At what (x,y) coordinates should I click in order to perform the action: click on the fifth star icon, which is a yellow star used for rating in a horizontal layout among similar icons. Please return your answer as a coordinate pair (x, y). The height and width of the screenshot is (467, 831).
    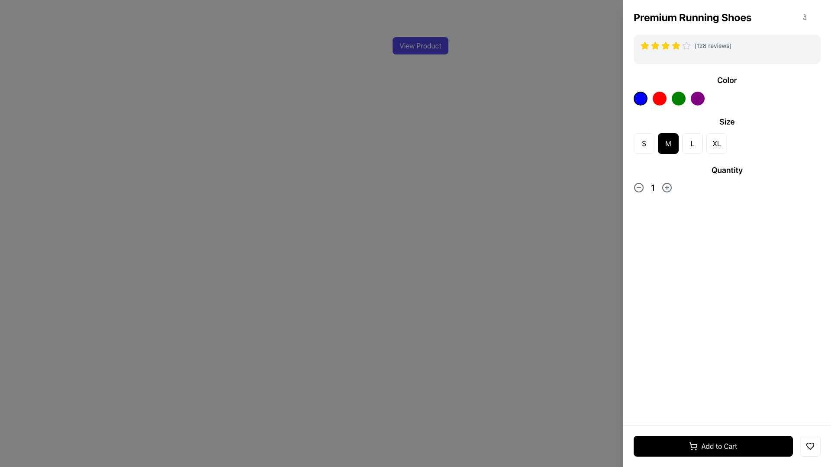
    Looking at the image, I should click on (675, 45).